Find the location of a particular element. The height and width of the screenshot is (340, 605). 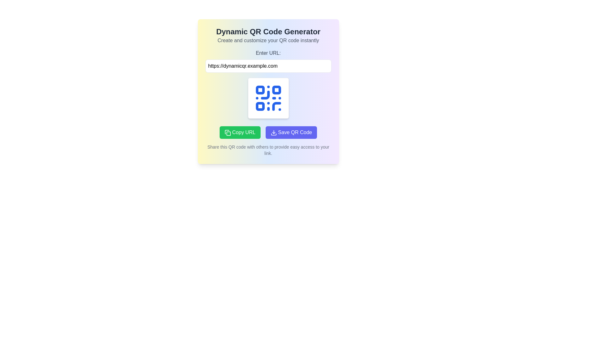

the text section titled 'Dynamic QR Code Generator' with the subtitle 'Create and customize your QR code instantly', located at the top-center of the card-like interface is located at coordinates (268, 35).